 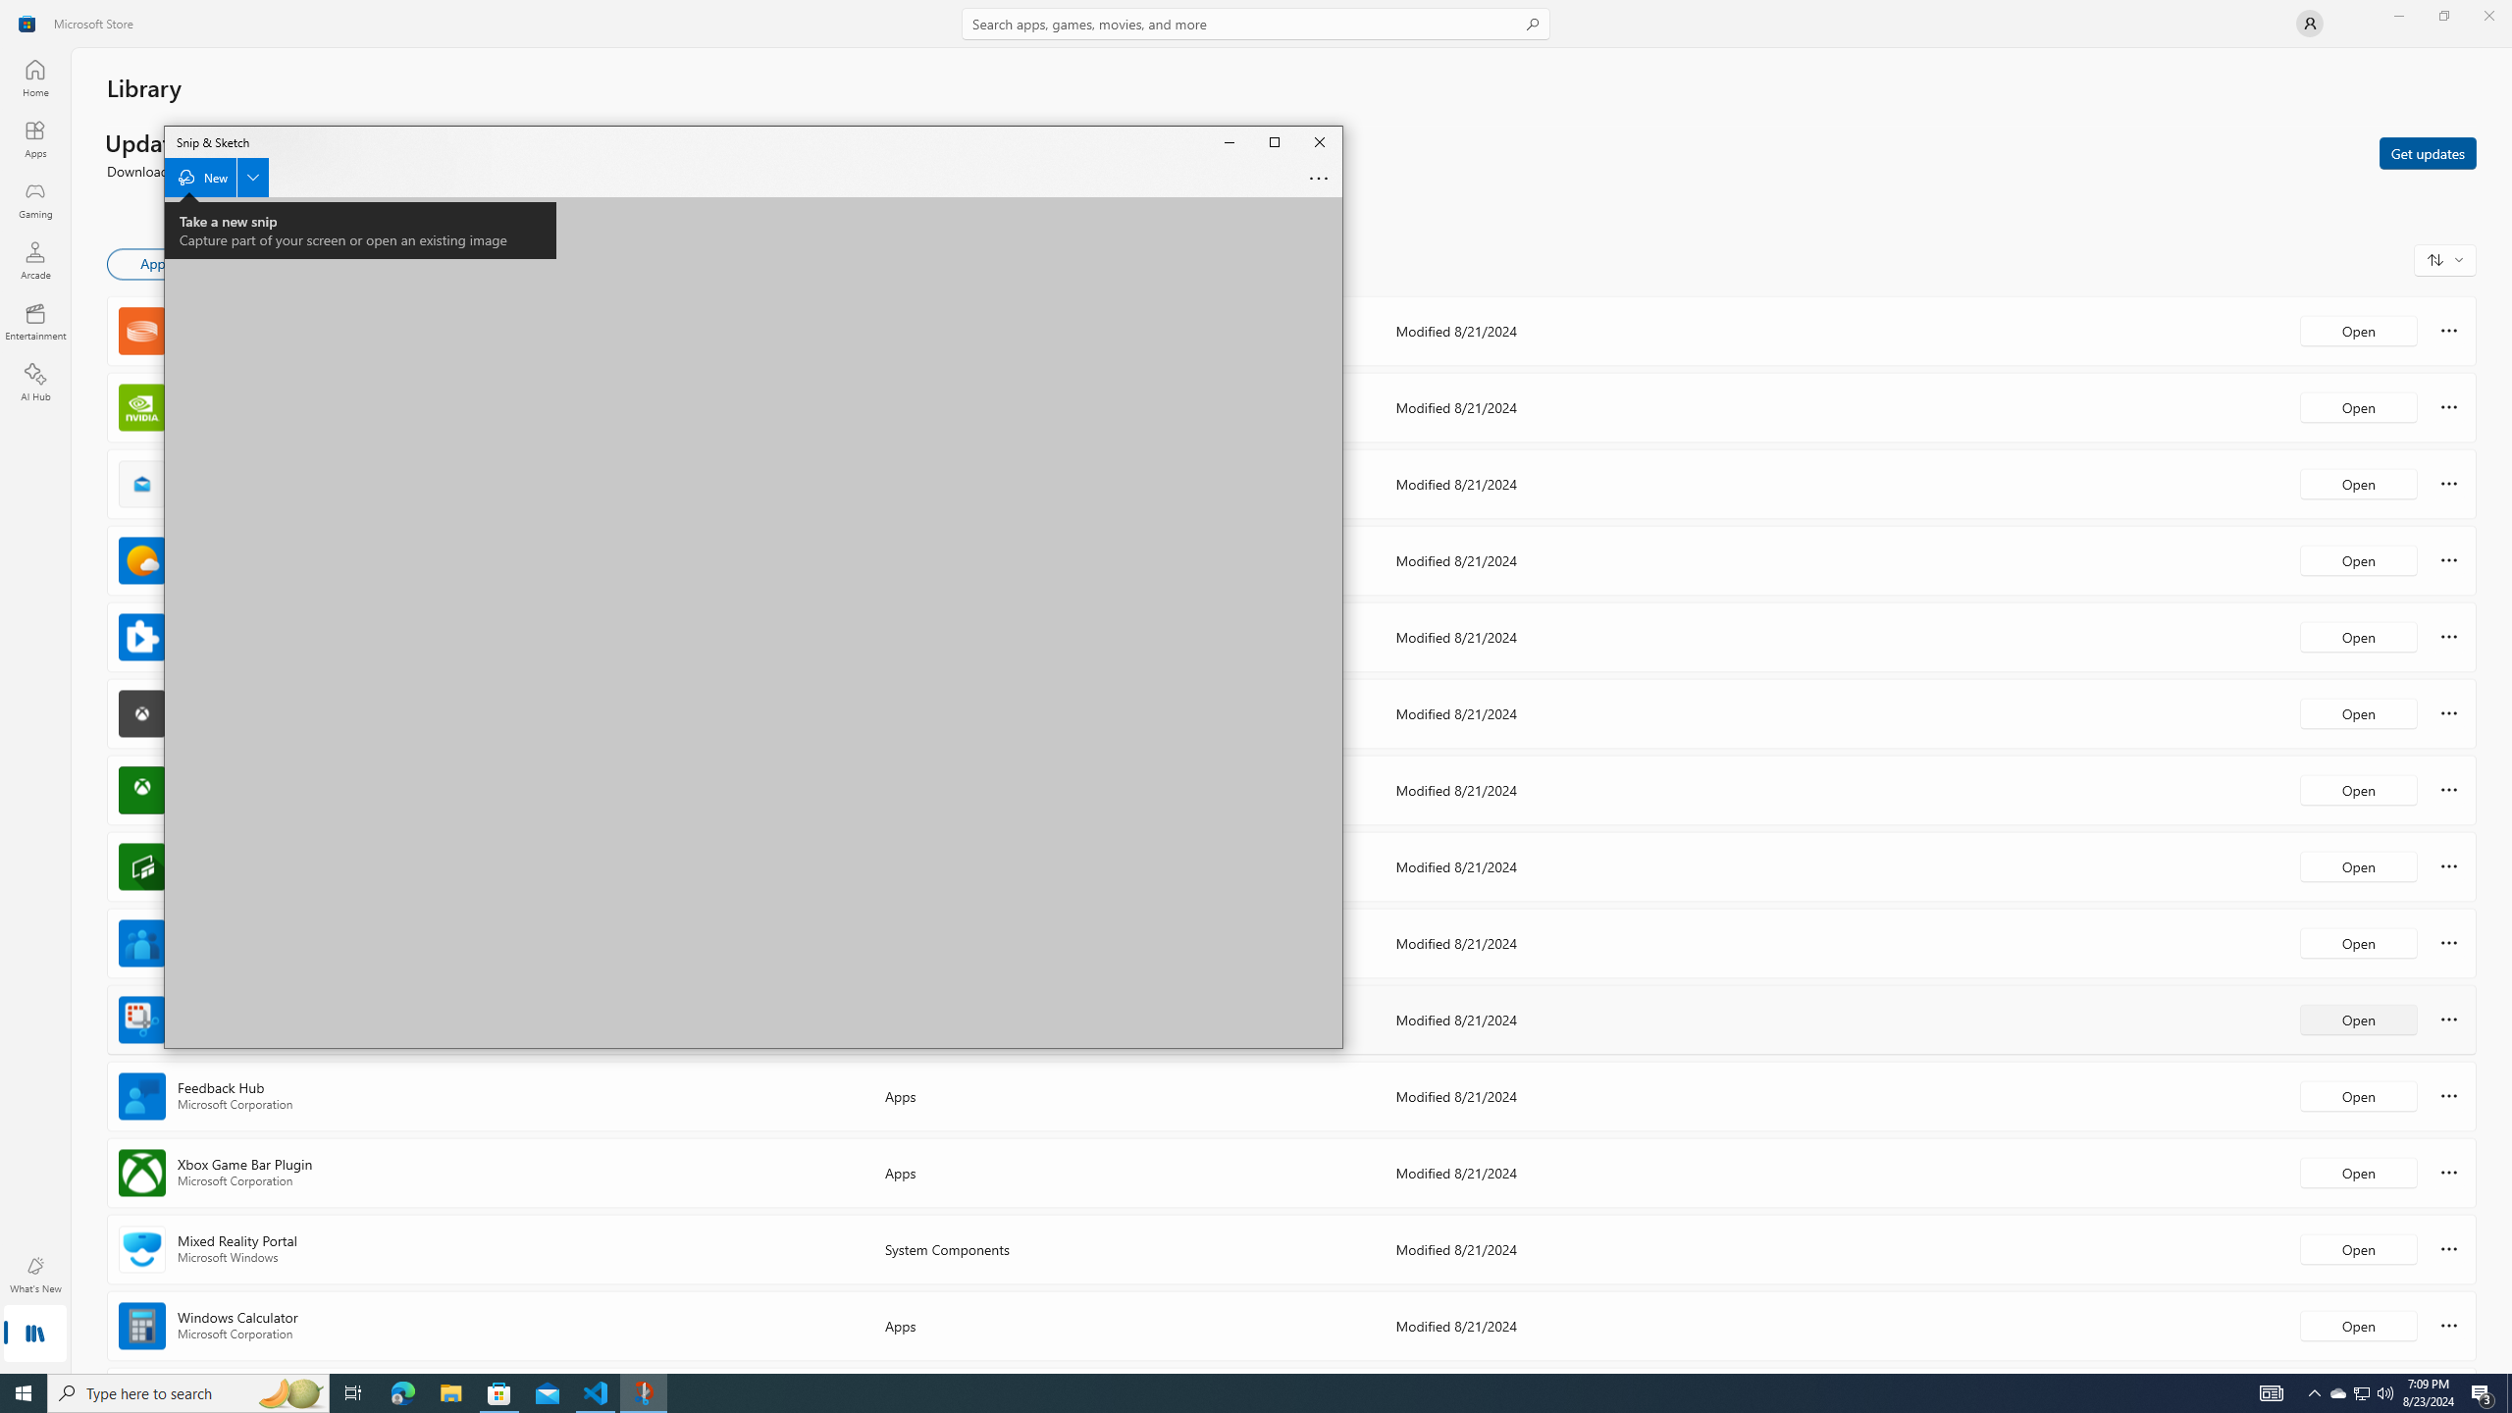 I want to click on 'New Snip', so click(x=216, y=177).